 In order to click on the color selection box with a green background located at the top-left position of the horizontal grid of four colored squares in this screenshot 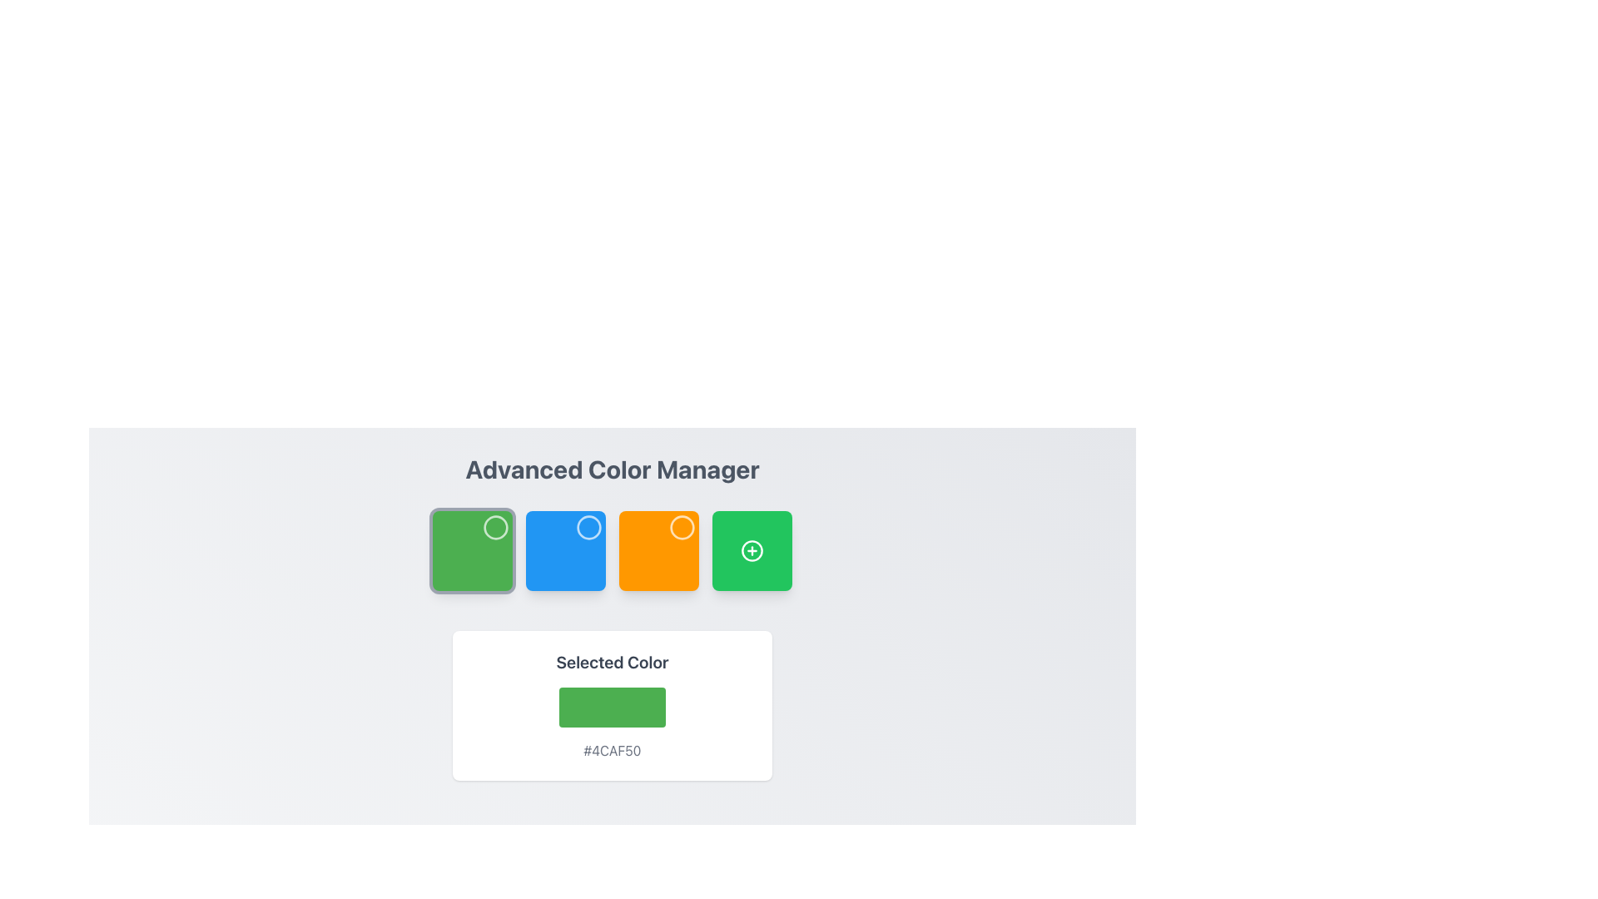, I will do `click(471, 551)`.